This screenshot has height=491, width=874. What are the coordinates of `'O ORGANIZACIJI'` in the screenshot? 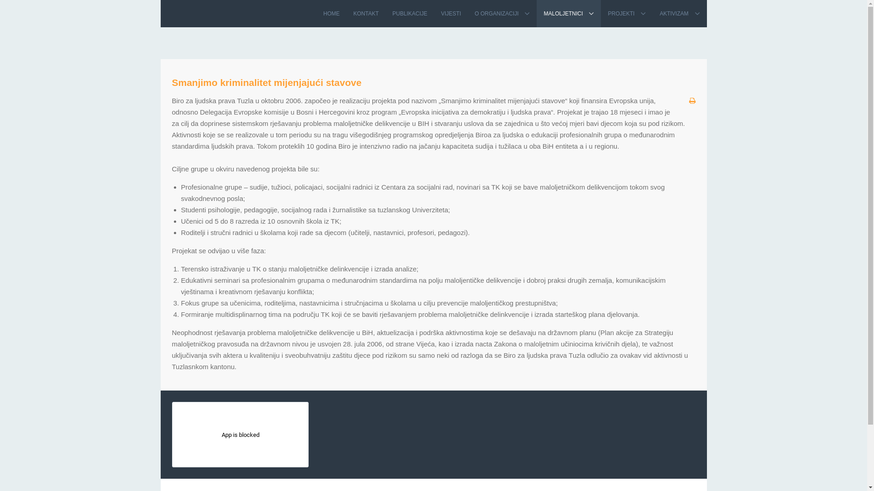 It's located at (467, 14).